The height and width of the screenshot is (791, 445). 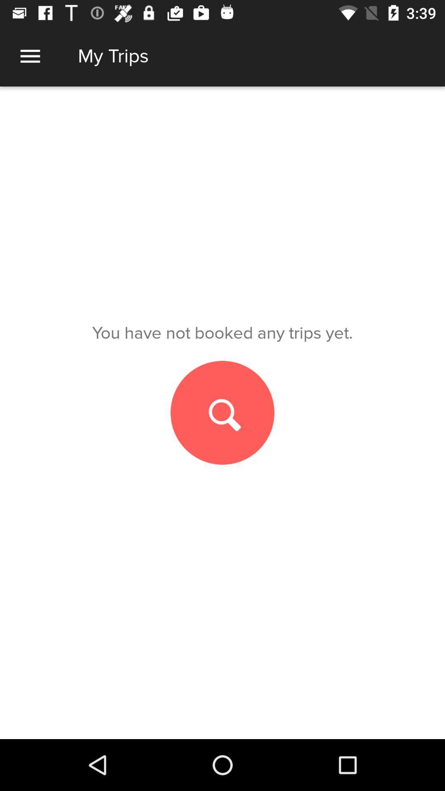 What do you see at coordinates (30, 56) in the screenshot?
I see `extract menu` at bounding box center [30, 56].